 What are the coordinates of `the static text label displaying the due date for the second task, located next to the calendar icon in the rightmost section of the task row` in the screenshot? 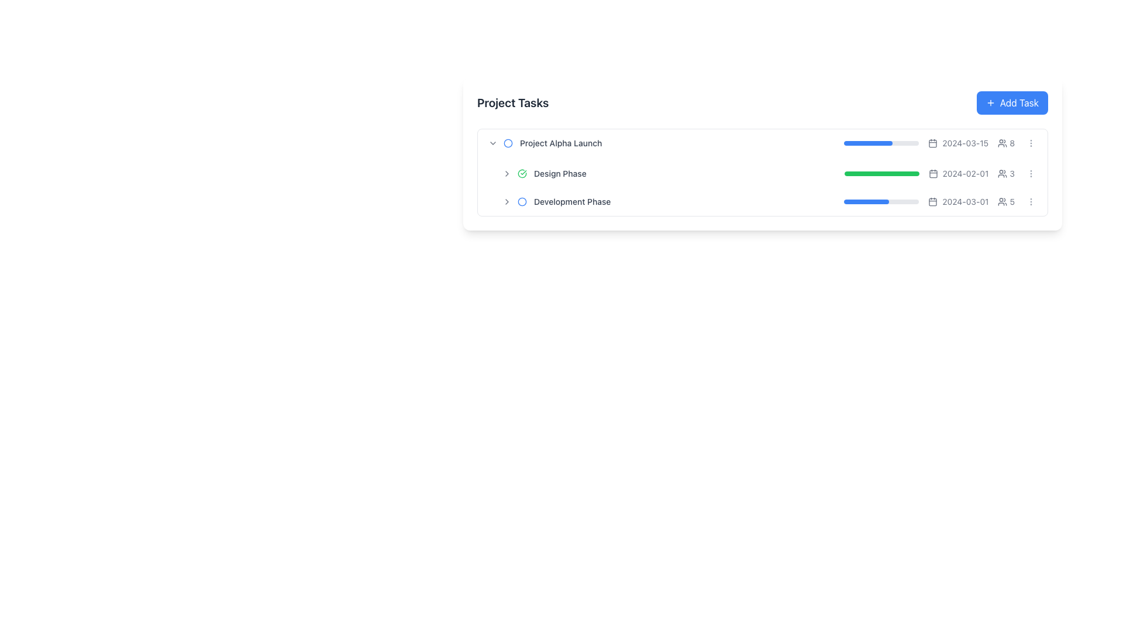 It's located at (966, 174).